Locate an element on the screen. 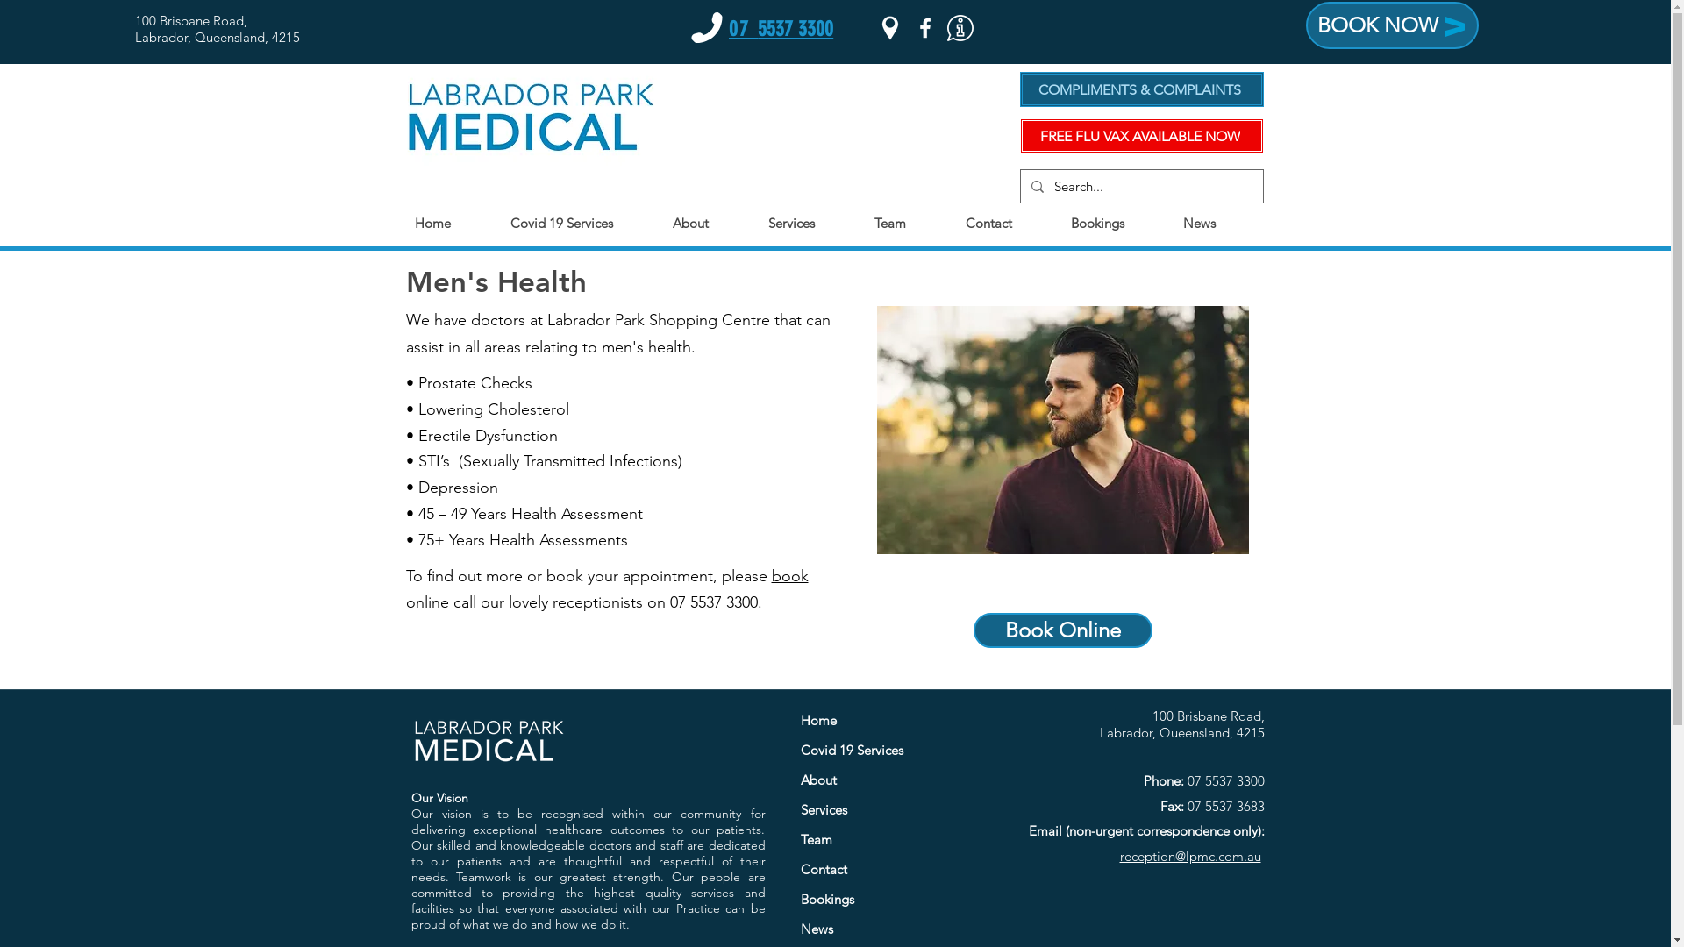 This screenshot has width=1684, height=947. '07 5537 3300' is located at coordinates (780, 29).